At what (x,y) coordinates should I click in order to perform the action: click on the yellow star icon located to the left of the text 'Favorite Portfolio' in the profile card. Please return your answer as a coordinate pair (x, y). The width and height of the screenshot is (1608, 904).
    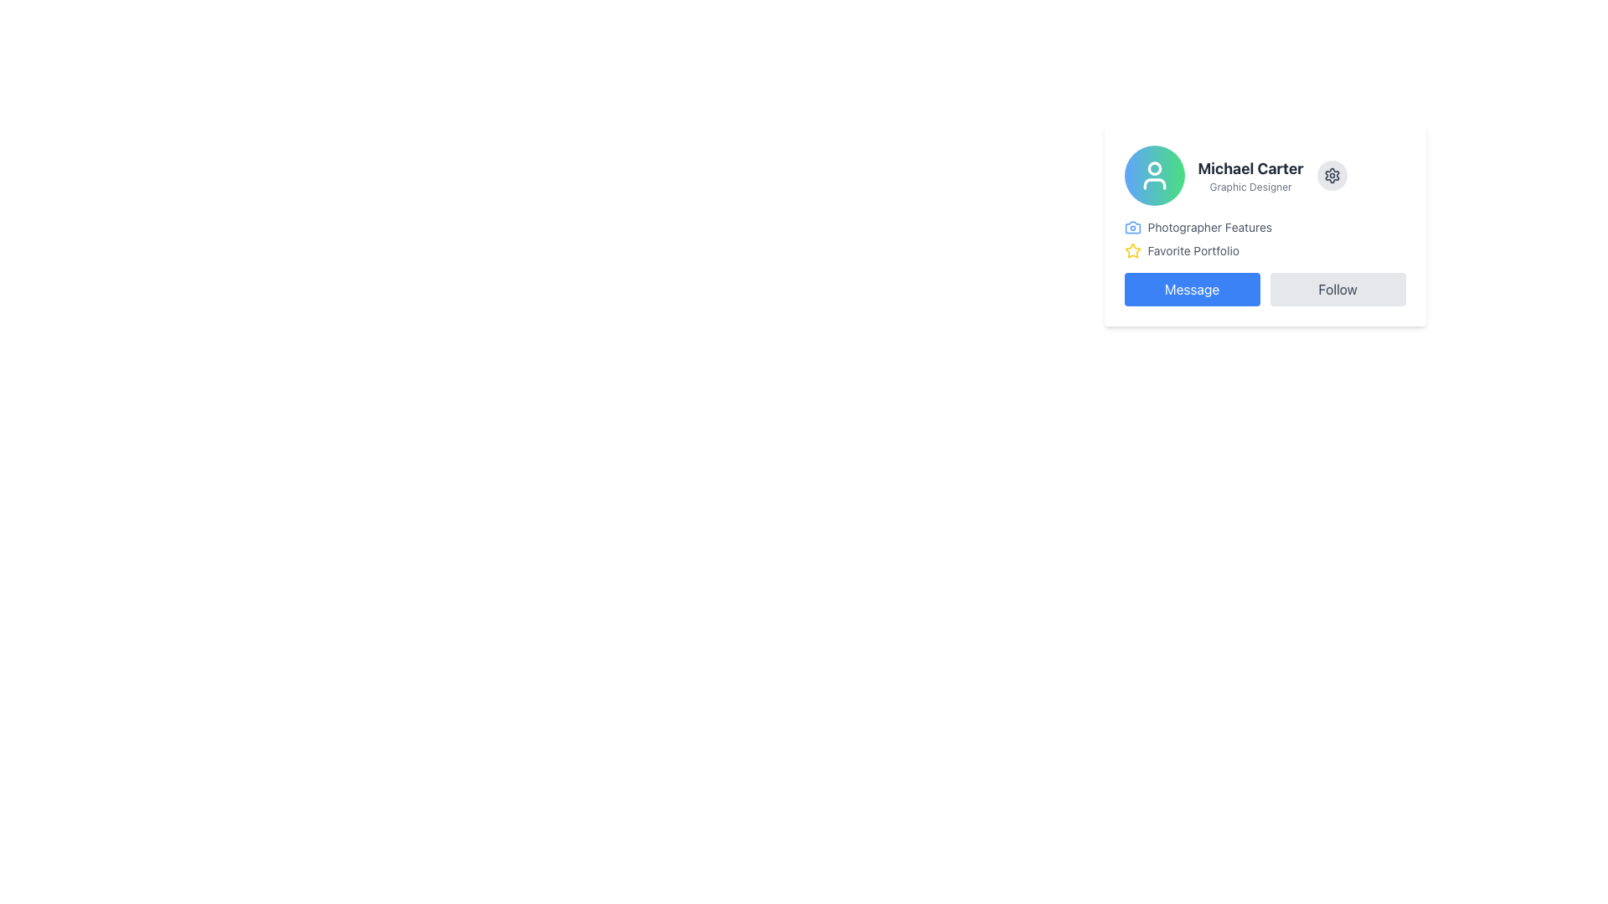
    Looking at the image, I should click on (1132, 250).